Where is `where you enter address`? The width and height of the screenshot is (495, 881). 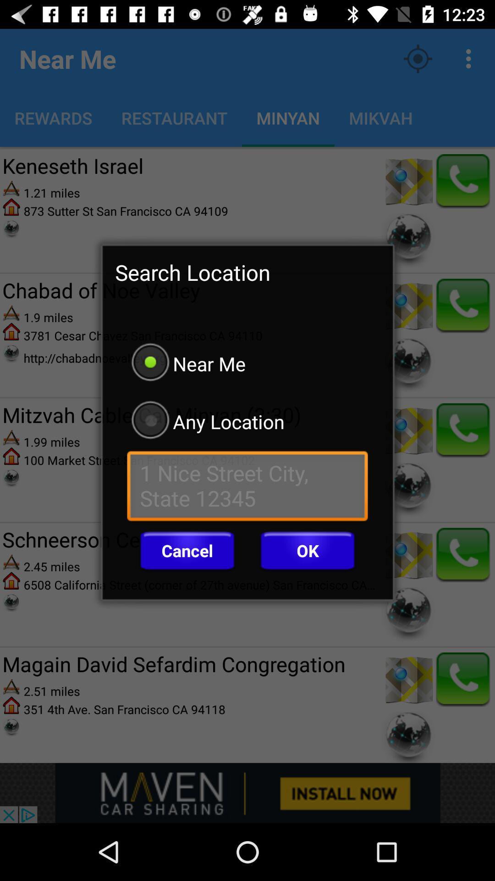
where you enter address is located at coordinates (247, 488).